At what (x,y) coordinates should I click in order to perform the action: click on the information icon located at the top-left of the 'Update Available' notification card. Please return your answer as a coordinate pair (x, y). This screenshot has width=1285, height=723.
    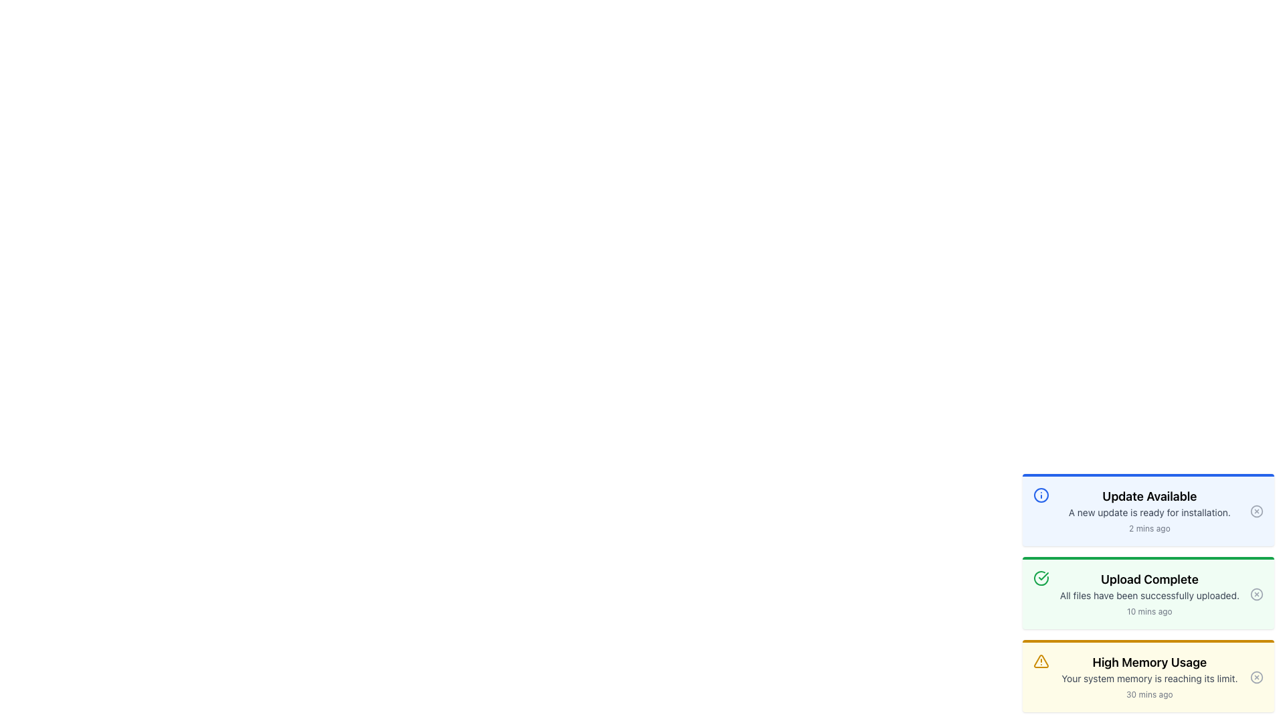
    Looking at the image, I should click on (1040, 495).